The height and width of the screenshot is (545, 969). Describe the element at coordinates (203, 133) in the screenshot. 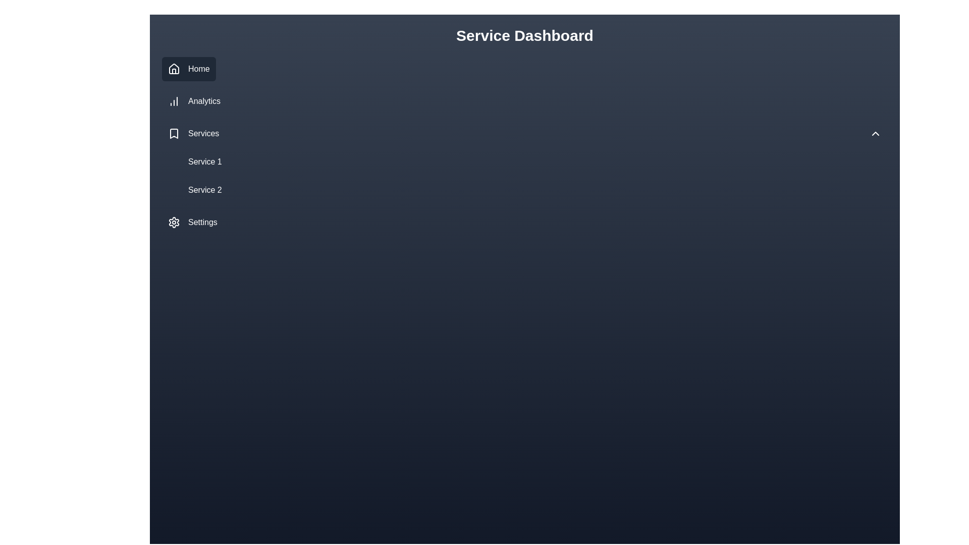

I see `the 'Services' label in the navigation menu` at that location.